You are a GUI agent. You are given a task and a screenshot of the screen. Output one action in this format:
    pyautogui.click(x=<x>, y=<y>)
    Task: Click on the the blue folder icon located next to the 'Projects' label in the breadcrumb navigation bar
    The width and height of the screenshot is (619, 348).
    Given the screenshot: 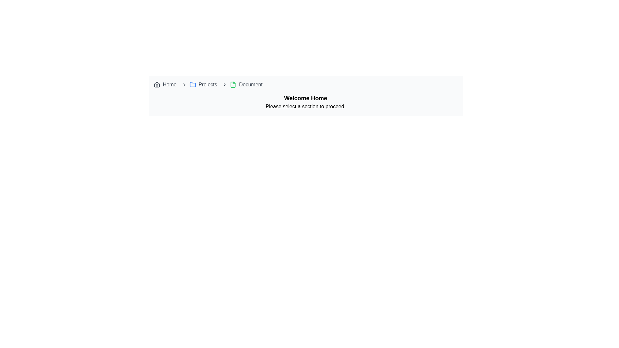 What is the action you would take?
    pyautogui.click(x=192, y=84)
    